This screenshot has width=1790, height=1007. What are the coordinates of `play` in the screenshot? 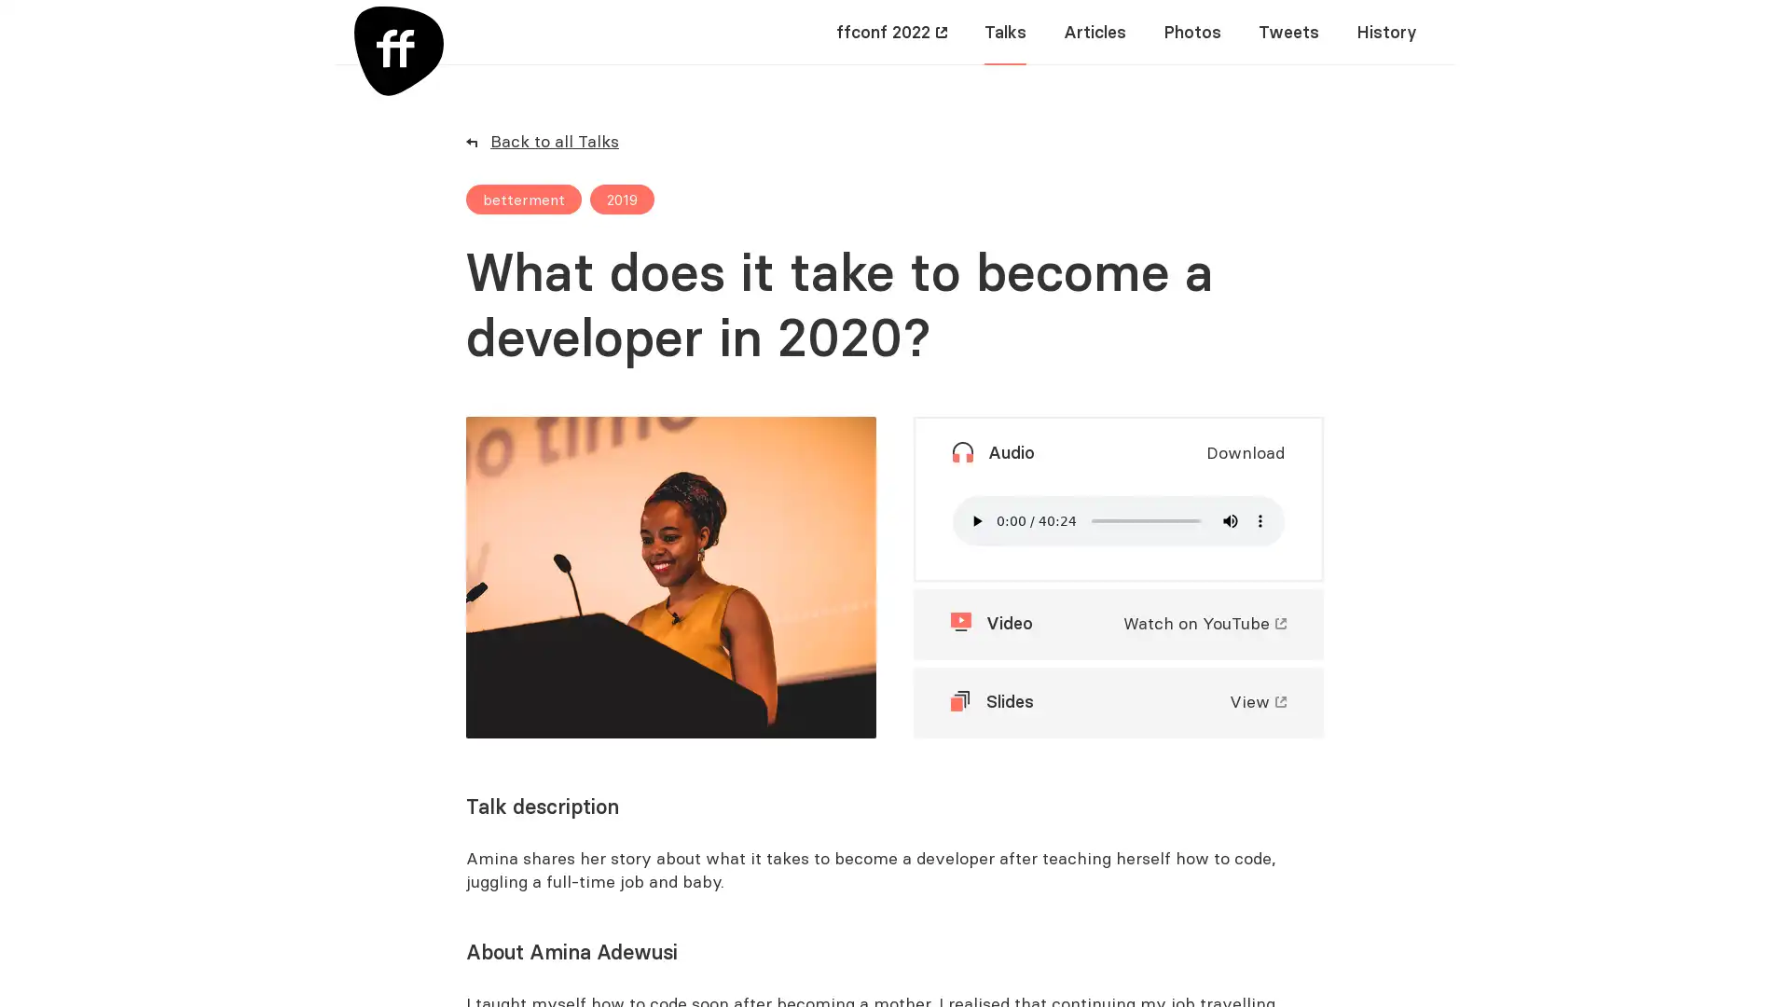 It's located at (975, 521).